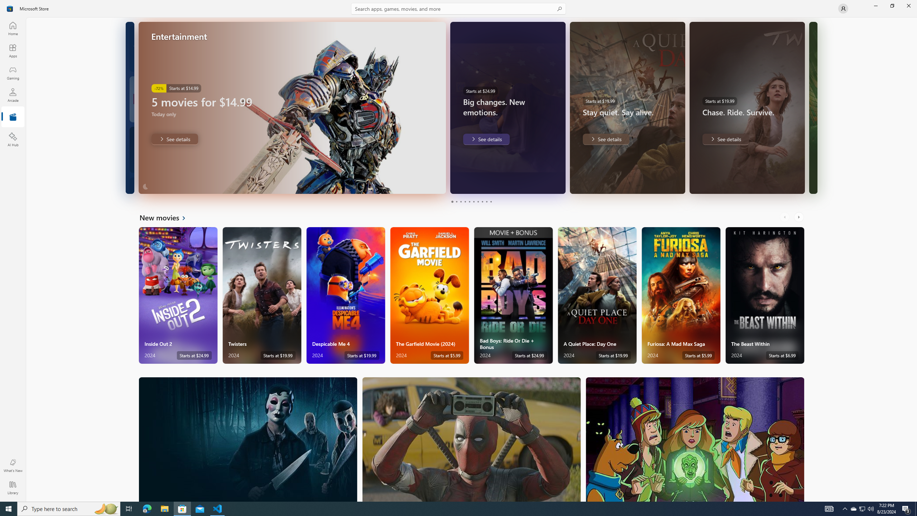 This screenshot has width=917, height=516. I want to click on 'Page 6', so click(473, 201).